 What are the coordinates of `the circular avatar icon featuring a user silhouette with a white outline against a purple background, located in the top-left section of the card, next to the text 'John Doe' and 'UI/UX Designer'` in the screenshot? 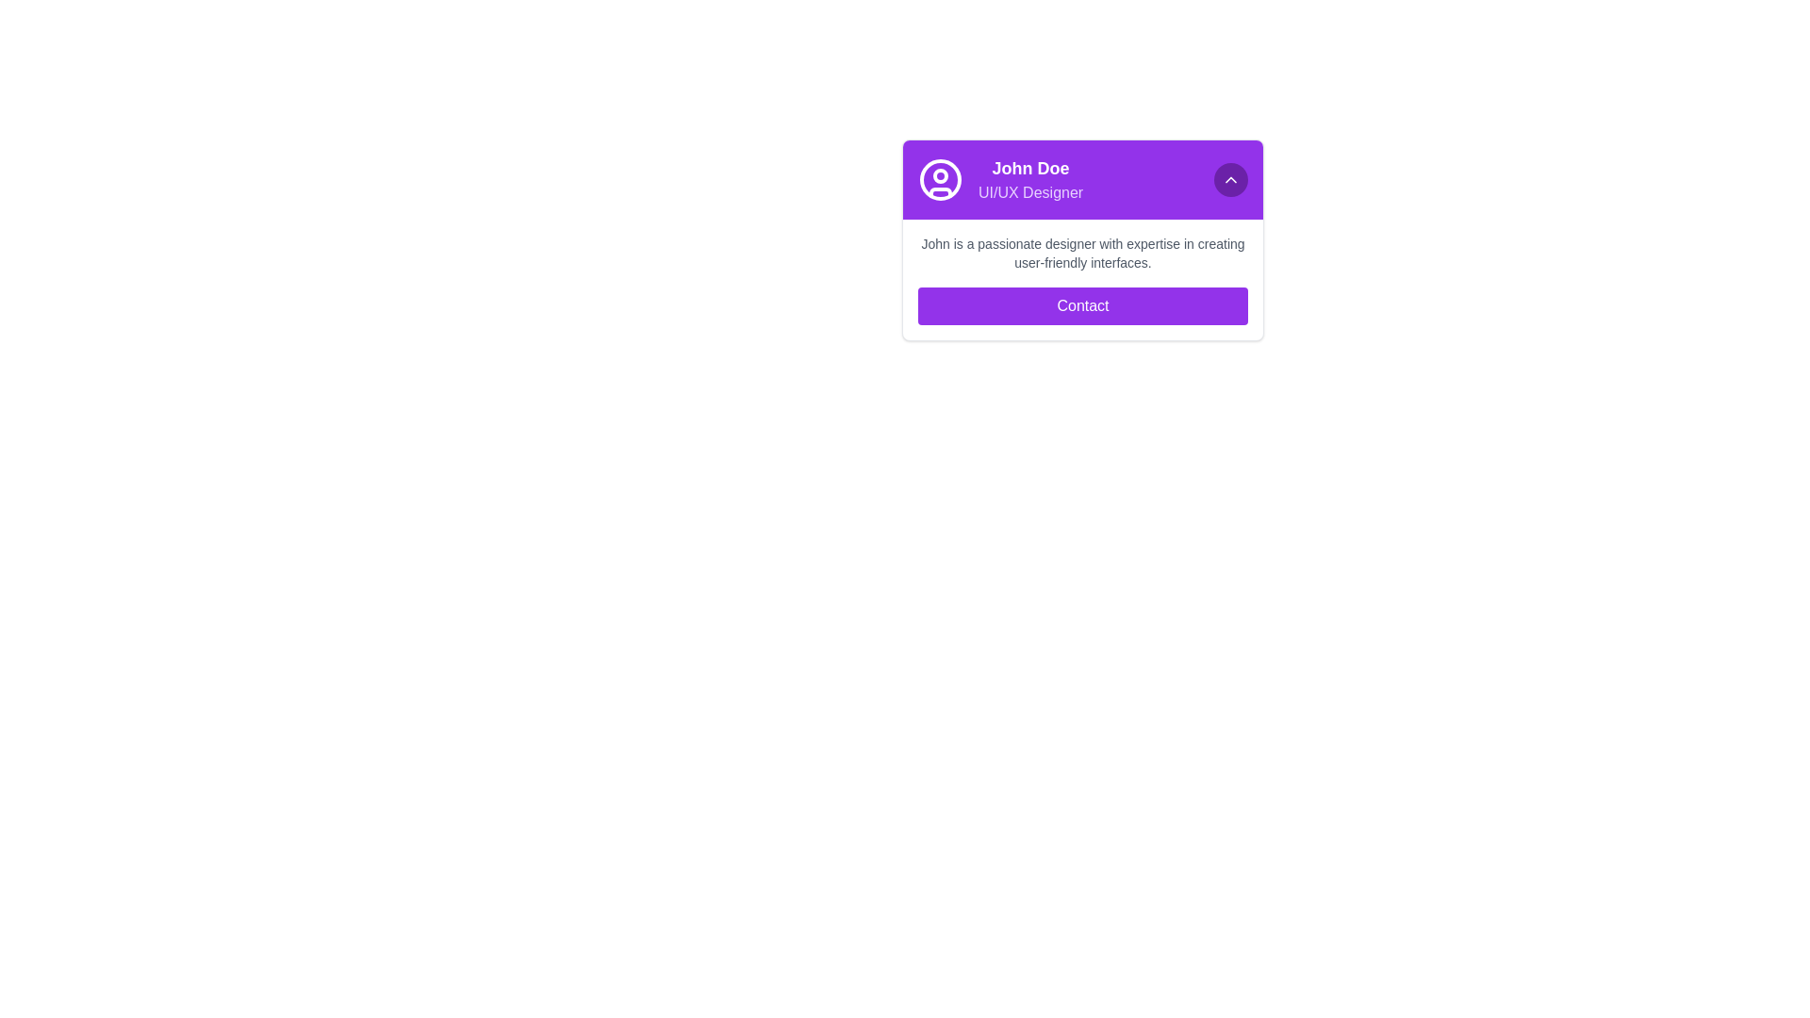 It's located at (941, 180).